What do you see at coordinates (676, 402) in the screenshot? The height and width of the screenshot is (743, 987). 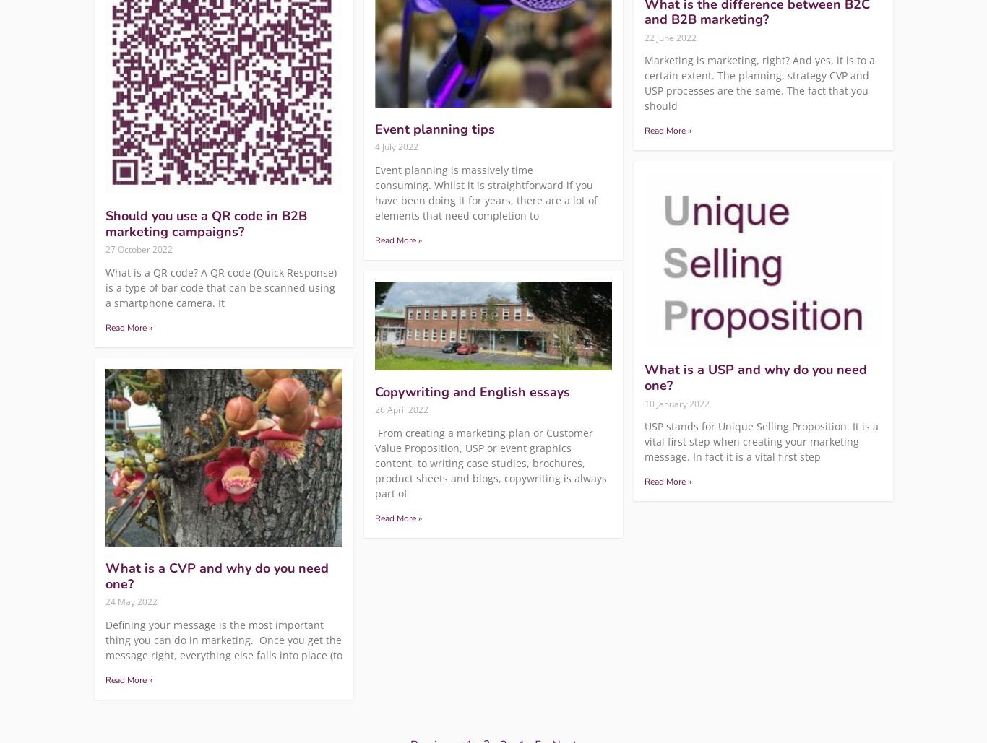 I see `'10 January 2022'` at bounding box center [676, 402].